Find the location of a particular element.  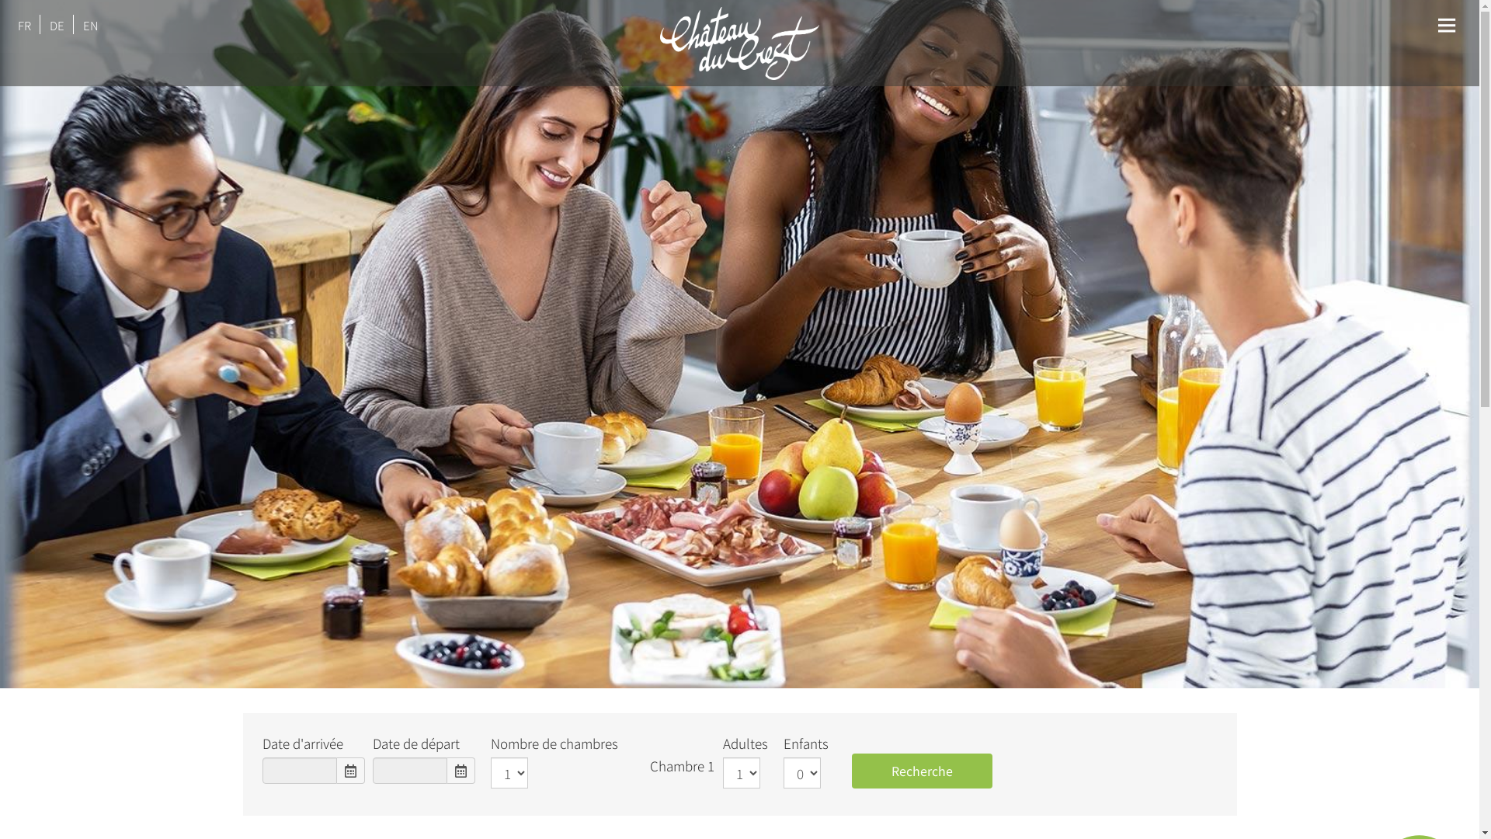

'Recherche' is located at coordinates (921, 771).